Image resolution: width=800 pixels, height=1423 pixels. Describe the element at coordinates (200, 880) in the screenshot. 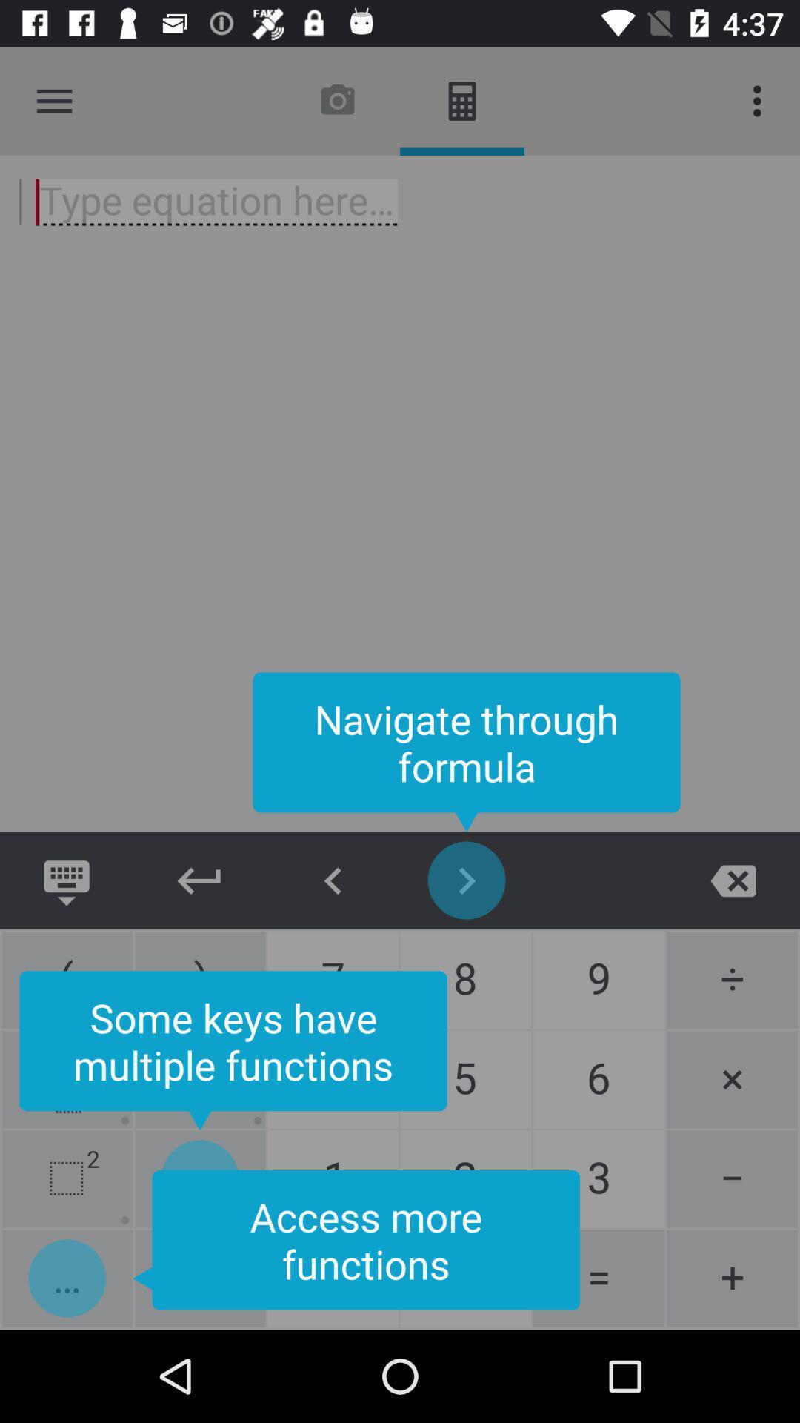

I see `go back` at that location.